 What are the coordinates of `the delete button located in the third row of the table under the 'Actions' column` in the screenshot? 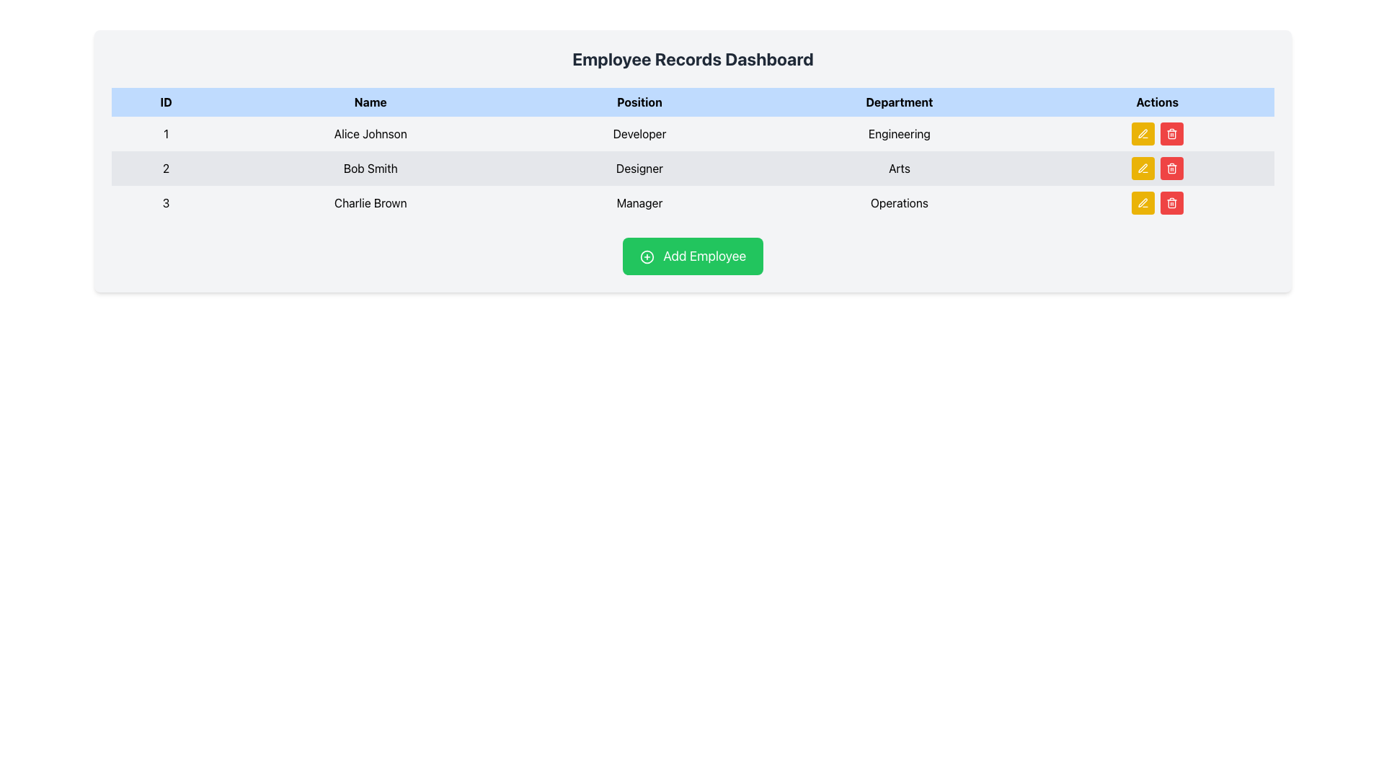 It's located at (1171, 133).